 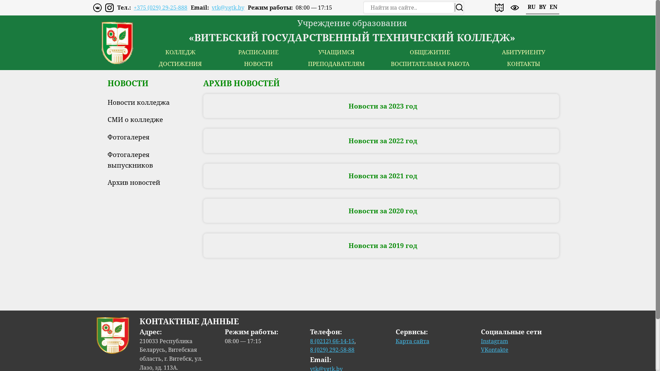 What do you see at coordinates (542, 7) in the screenshot?
I see `'BY'` at bounding box center [542, 7].